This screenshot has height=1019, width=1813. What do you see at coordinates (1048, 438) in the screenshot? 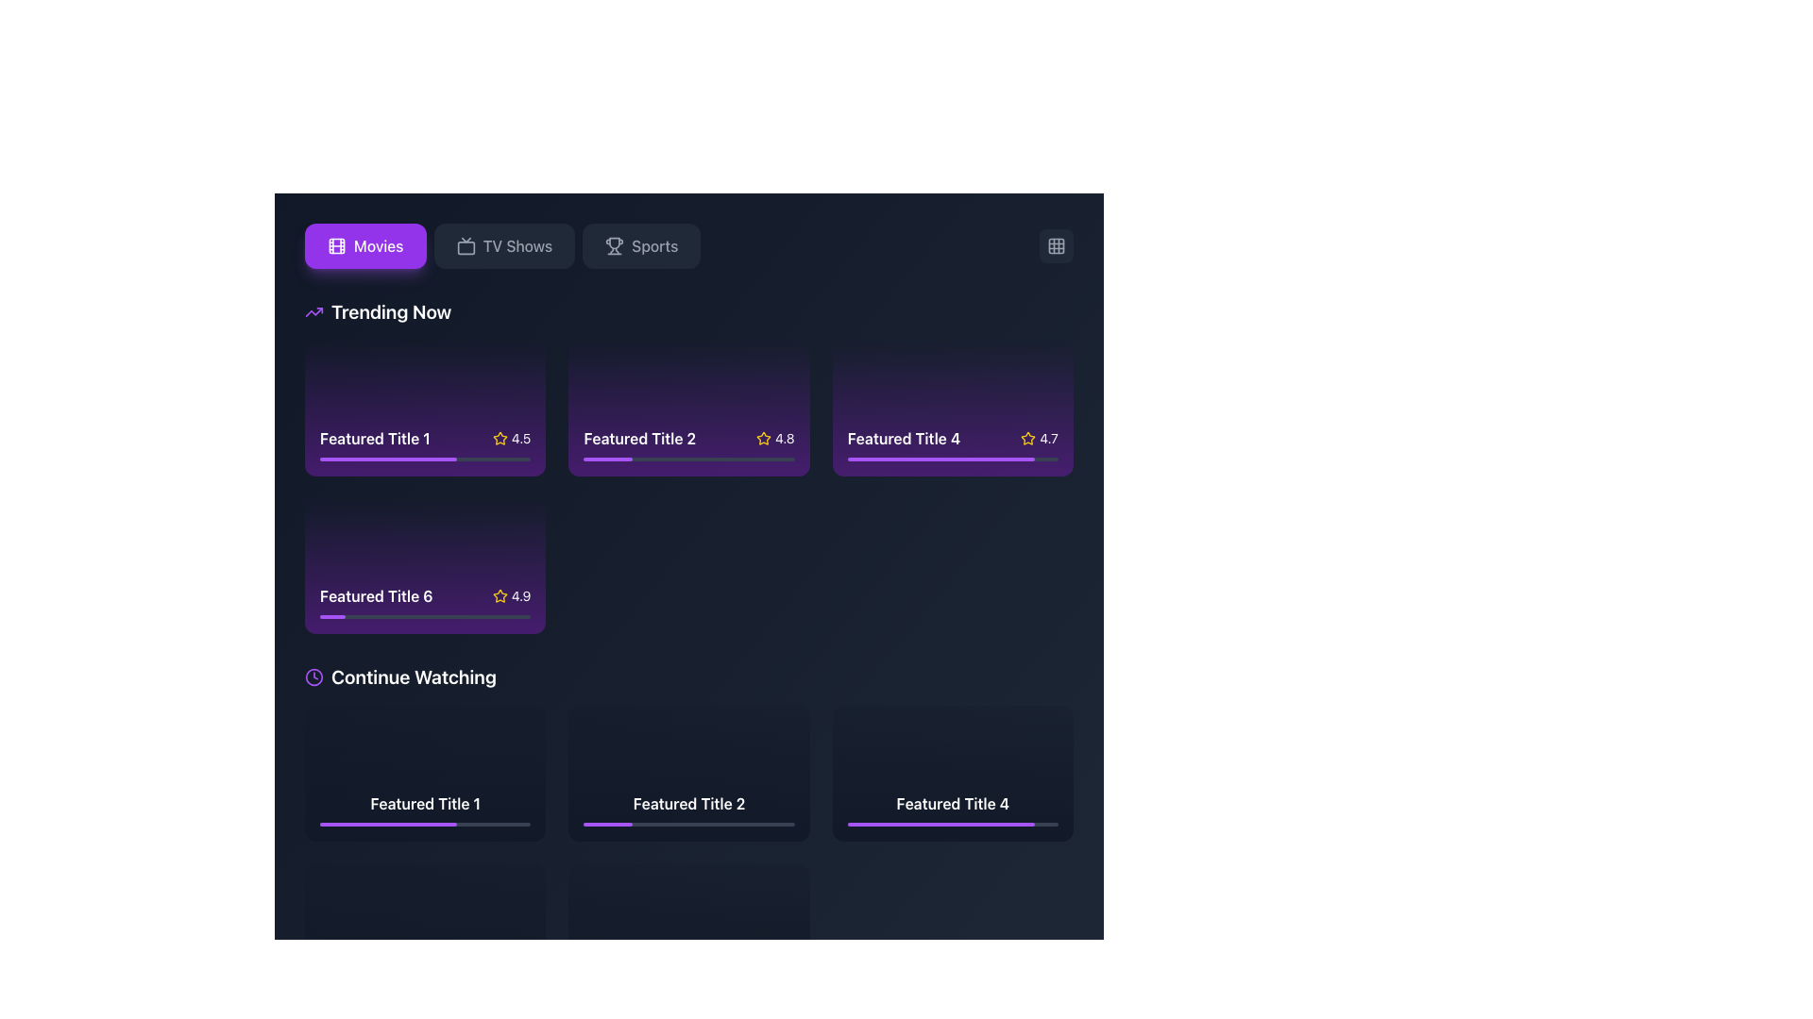
I see `the rating score displayed in the text element located within the card labeled 'Featured Title 4', which is positioned directly` at bounding box center [1048, 438].